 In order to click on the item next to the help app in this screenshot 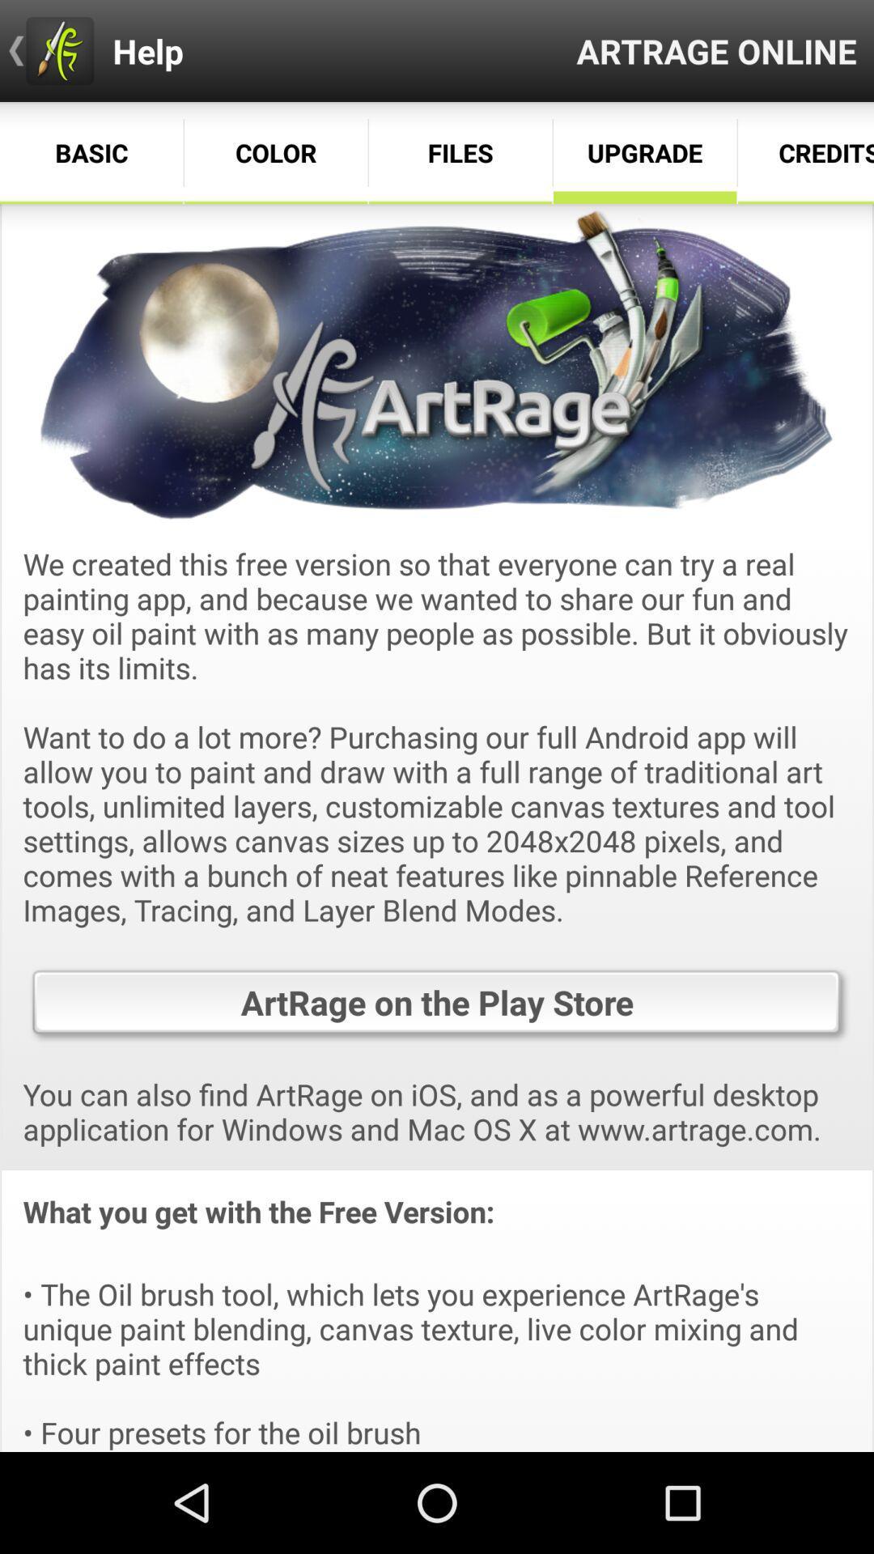, I will do `click(715, 50)`.